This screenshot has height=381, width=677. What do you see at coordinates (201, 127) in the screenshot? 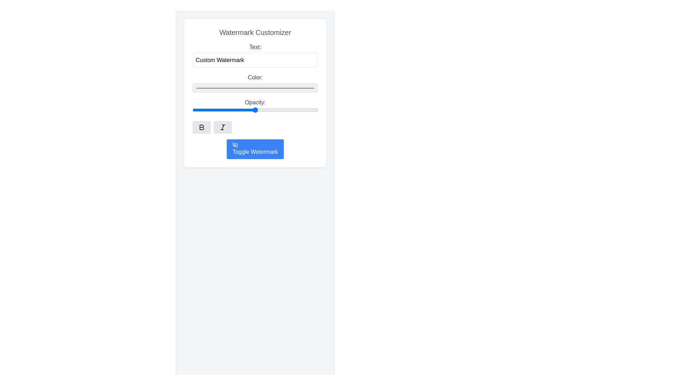
I see `the bold formatting button located on the left side of the formatting buttons group` at bounding box center [201, 127].